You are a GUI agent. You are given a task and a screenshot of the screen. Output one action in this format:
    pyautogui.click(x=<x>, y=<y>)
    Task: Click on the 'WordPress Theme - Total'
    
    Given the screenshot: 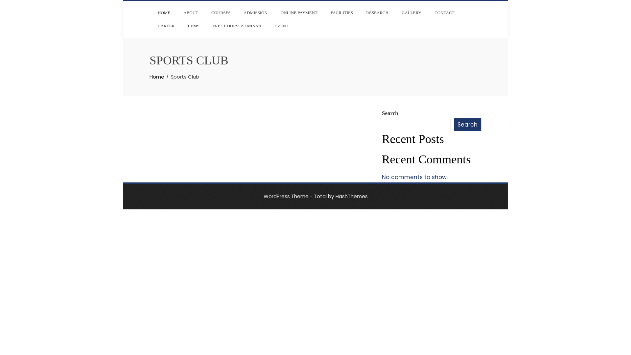 What is the action you would take?
    pyautogui.click(x=294, y=196)
    